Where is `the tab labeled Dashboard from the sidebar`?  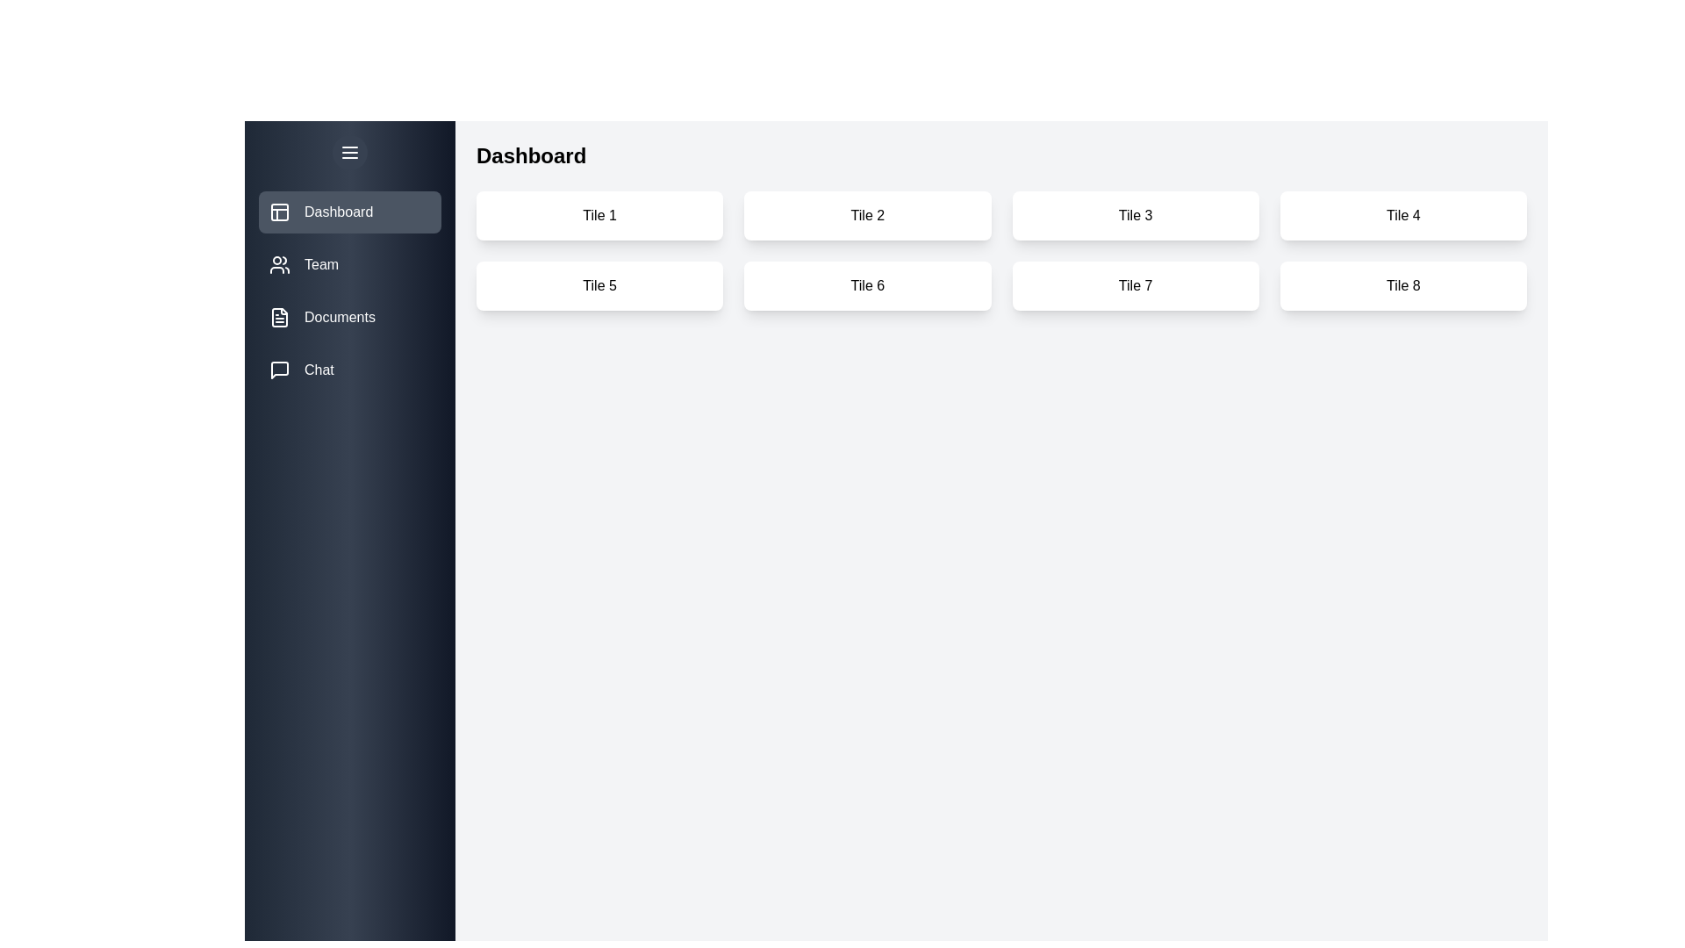
the tab labeled Dashboard from the sidebar is located at coordinates (349, 212).